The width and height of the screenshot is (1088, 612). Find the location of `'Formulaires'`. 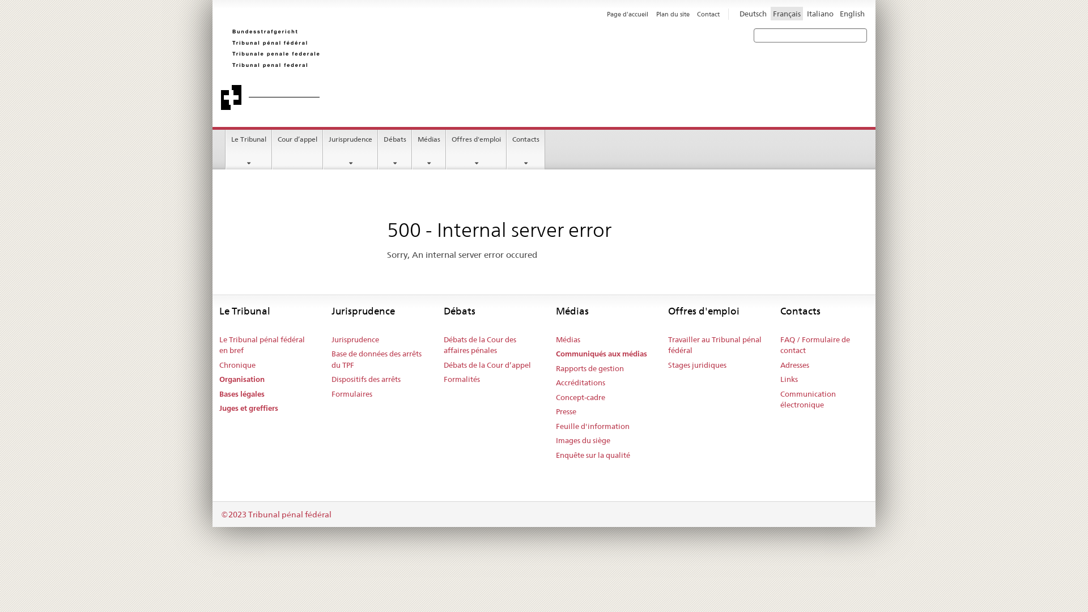

'Formulaires' is located at coordinates (351, 393).